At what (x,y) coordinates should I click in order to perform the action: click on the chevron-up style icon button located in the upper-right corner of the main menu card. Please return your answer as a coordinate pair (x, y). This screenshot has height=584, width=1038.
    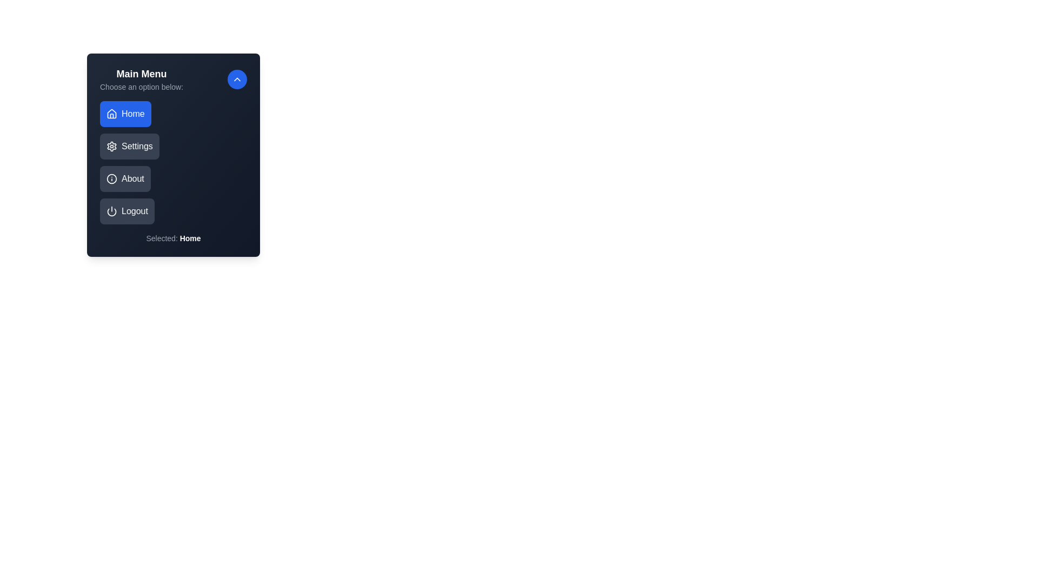
    Looking at the image, I should click on (236, 78).